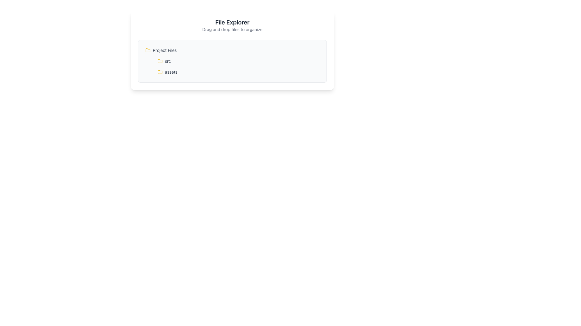  I want to click on the text label indicating the name of a folder within the file management interface, so click(171, 72).